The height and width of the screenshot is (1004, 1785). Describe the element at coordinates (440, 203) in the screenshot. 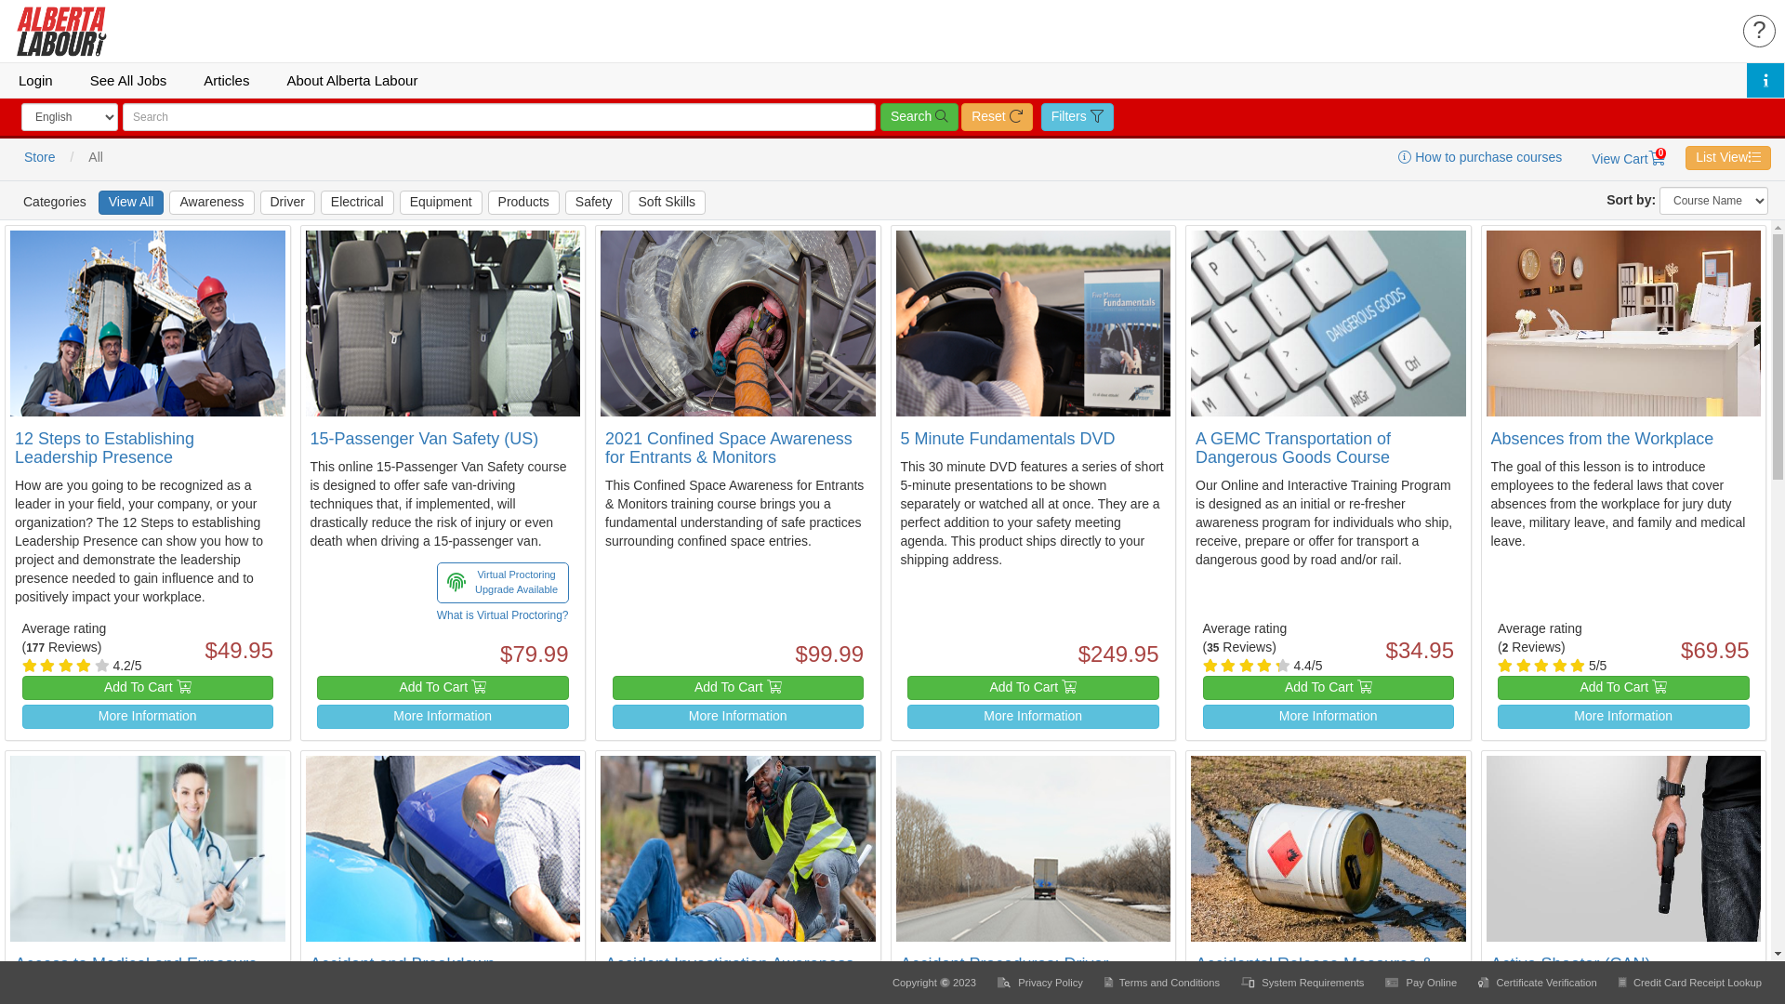

I see `'Equipment'` at that location.